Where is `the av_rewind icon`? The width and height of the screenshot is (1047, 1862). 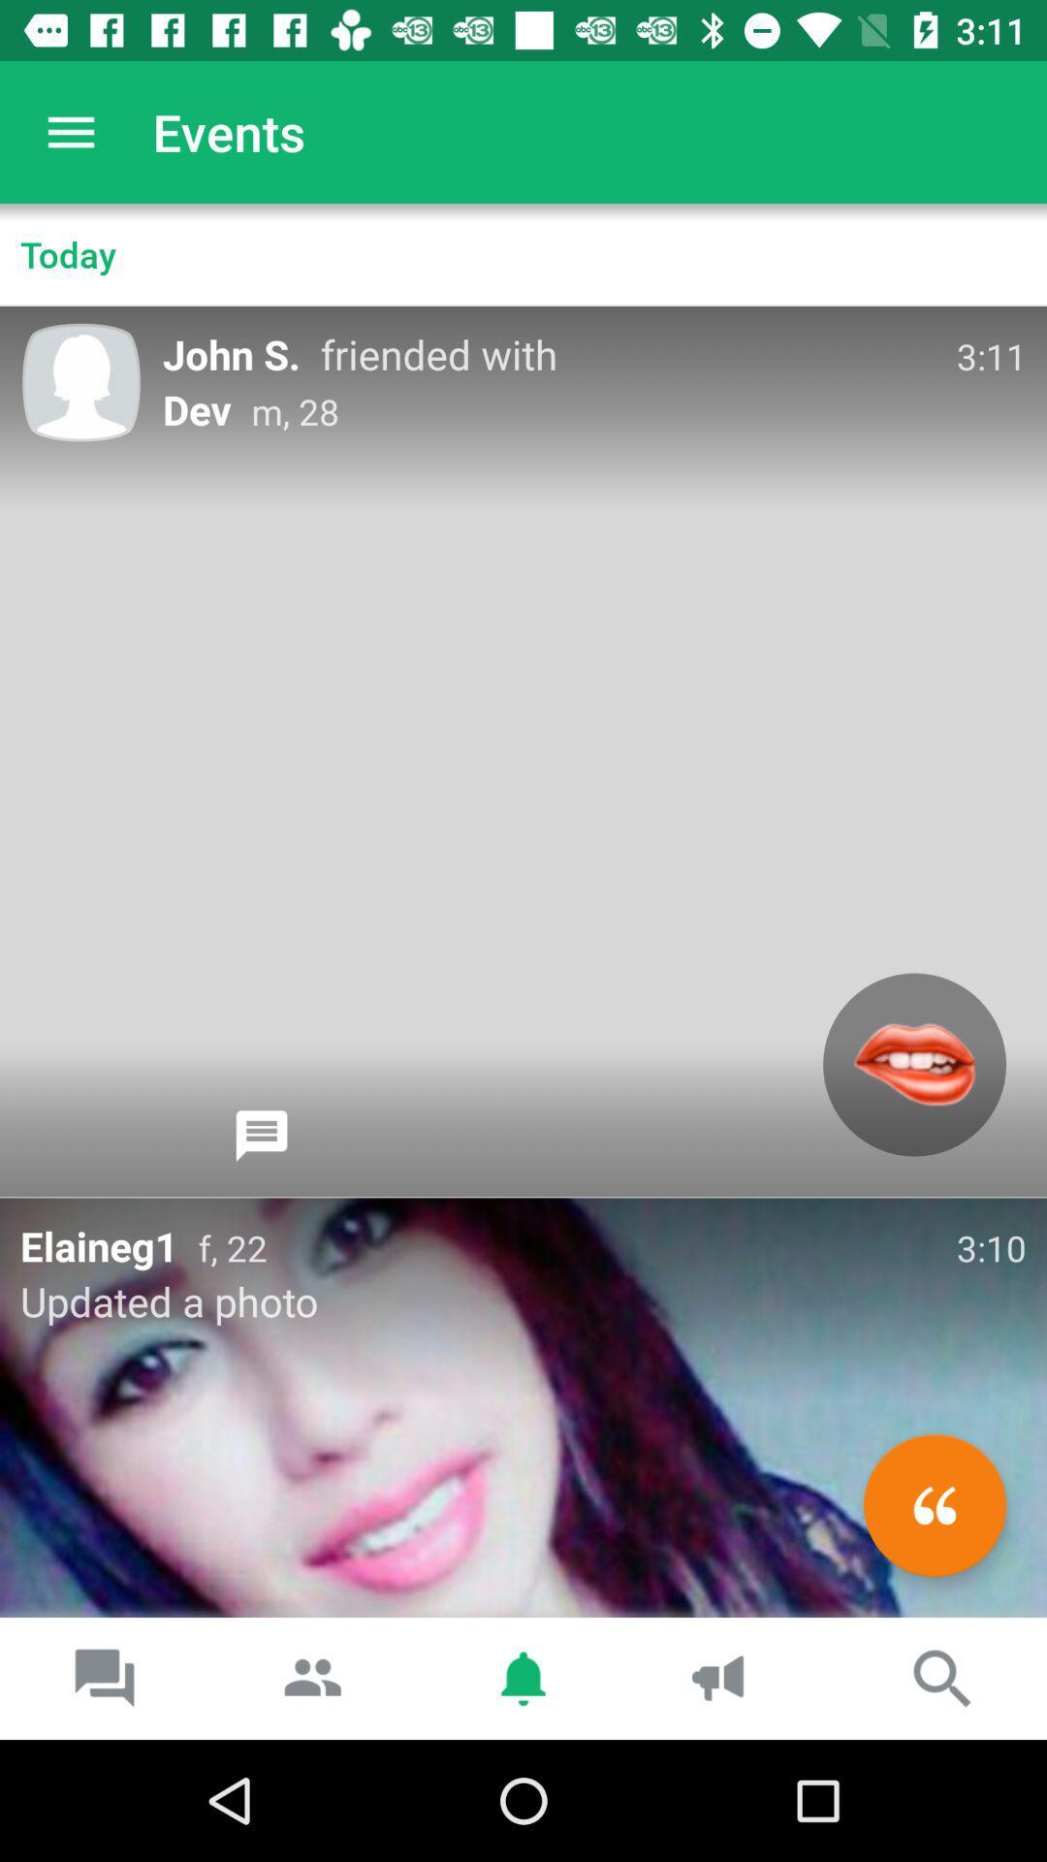
the av_rewind icon is located at coordinates (934, 1504).